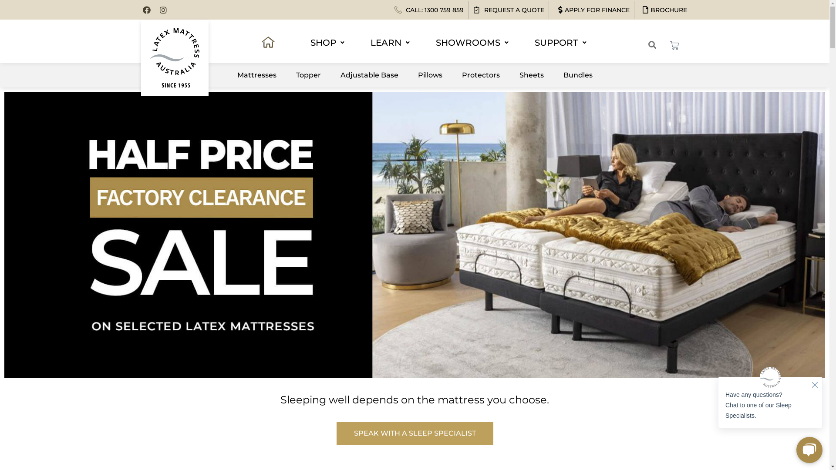  What do you see at coordinates (674, 45) in the screenshot?
I see `'CART'` at bounding box center [674, 45].